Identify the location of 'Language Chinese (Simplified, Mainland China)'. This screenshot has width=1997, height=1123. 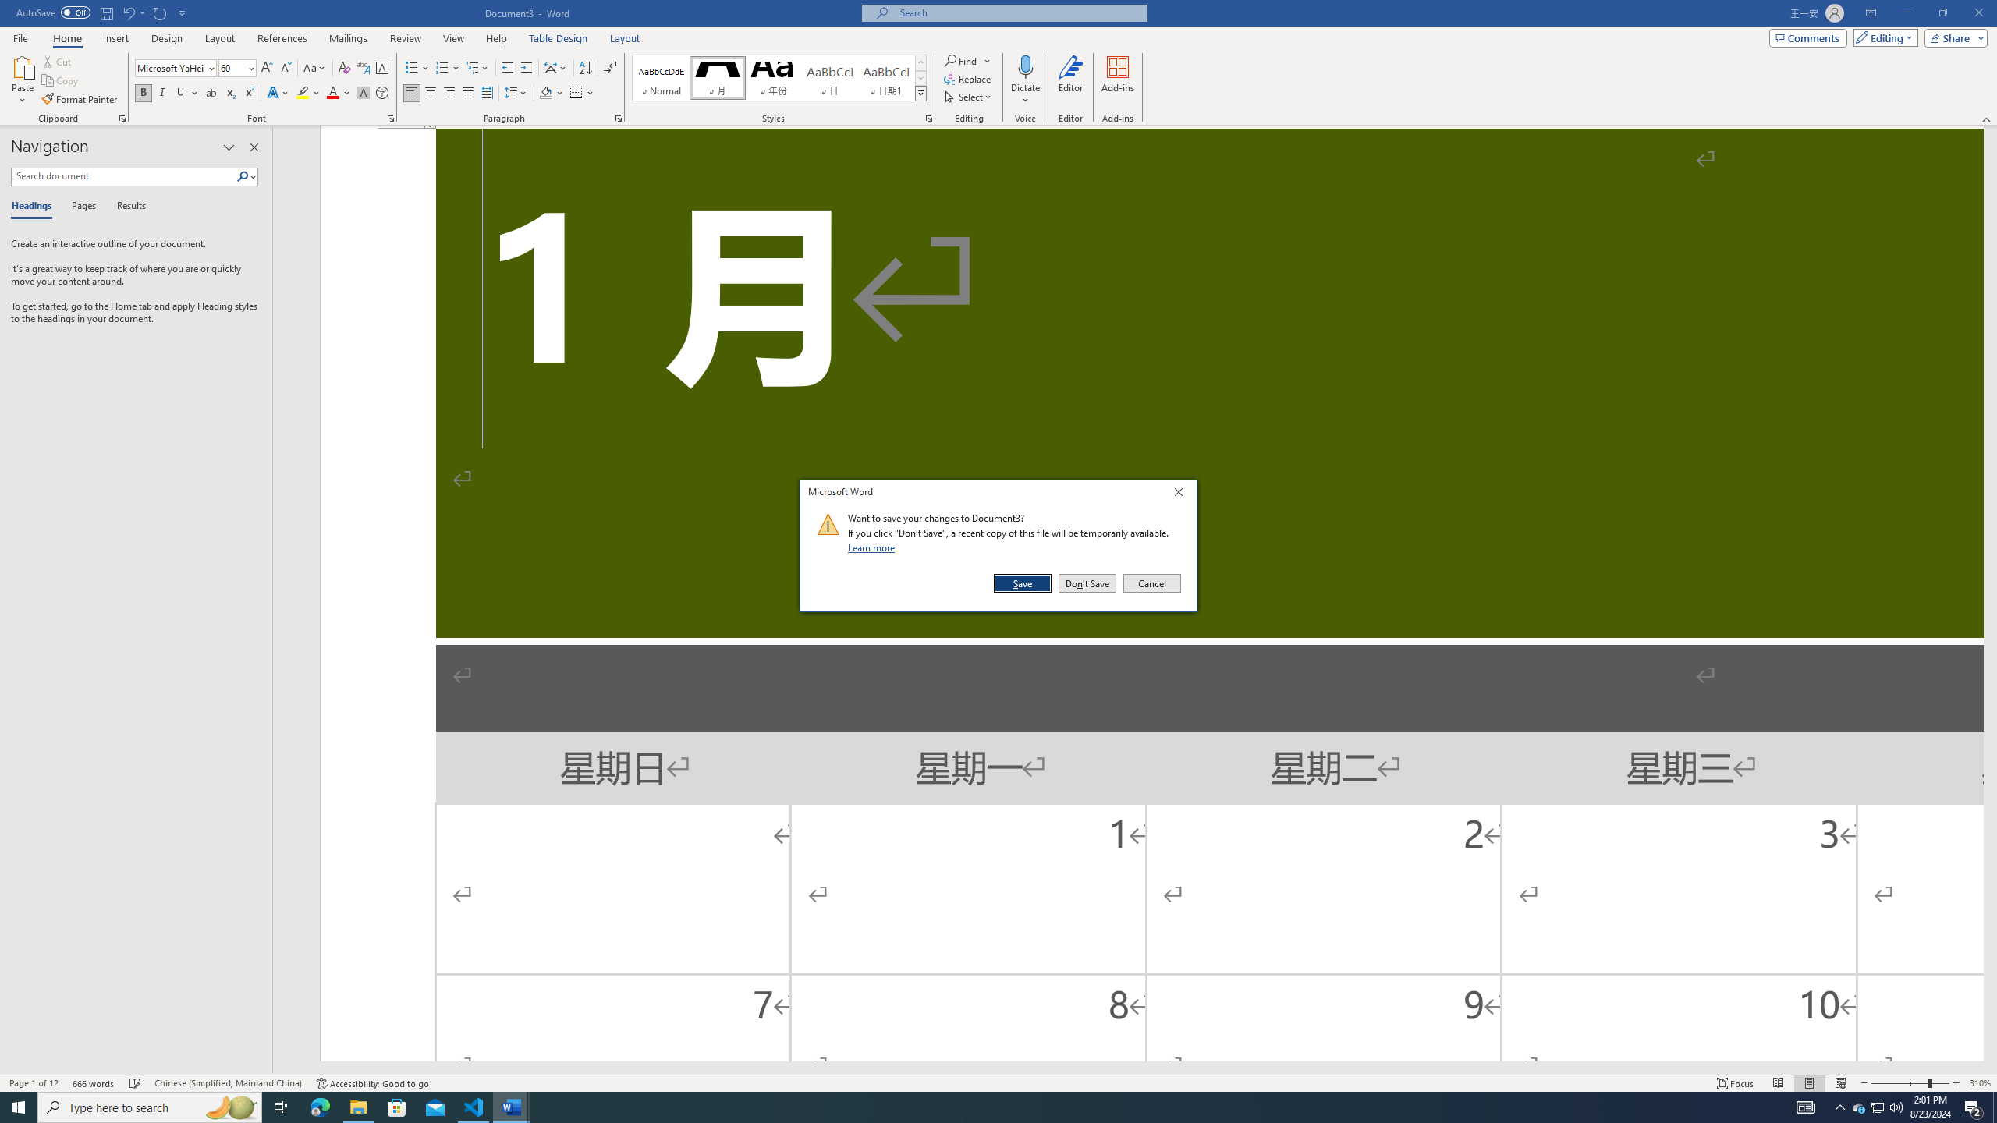
(226, 1083).